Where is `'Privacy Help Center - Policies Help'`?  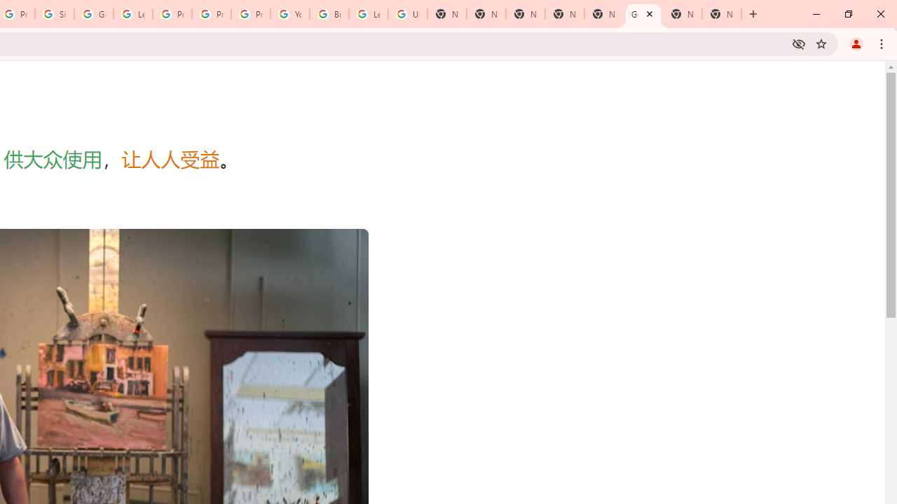 'Privacy Help Center - Policies Help' is located at coordinates (171, 14).